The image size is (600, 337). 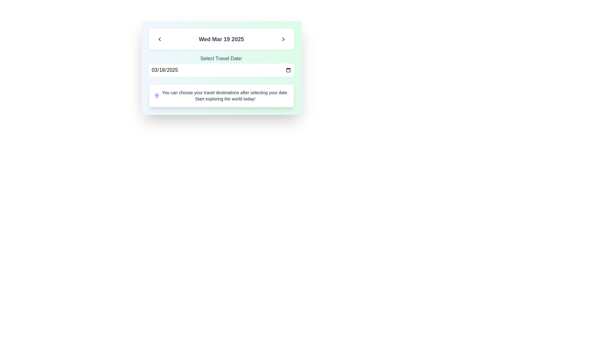 I want to click on the purple map pin icon, which is a clean and minimalistic line icon located inside a rounded rectangle box next to the travel choices description, so click(x=157, y=96).